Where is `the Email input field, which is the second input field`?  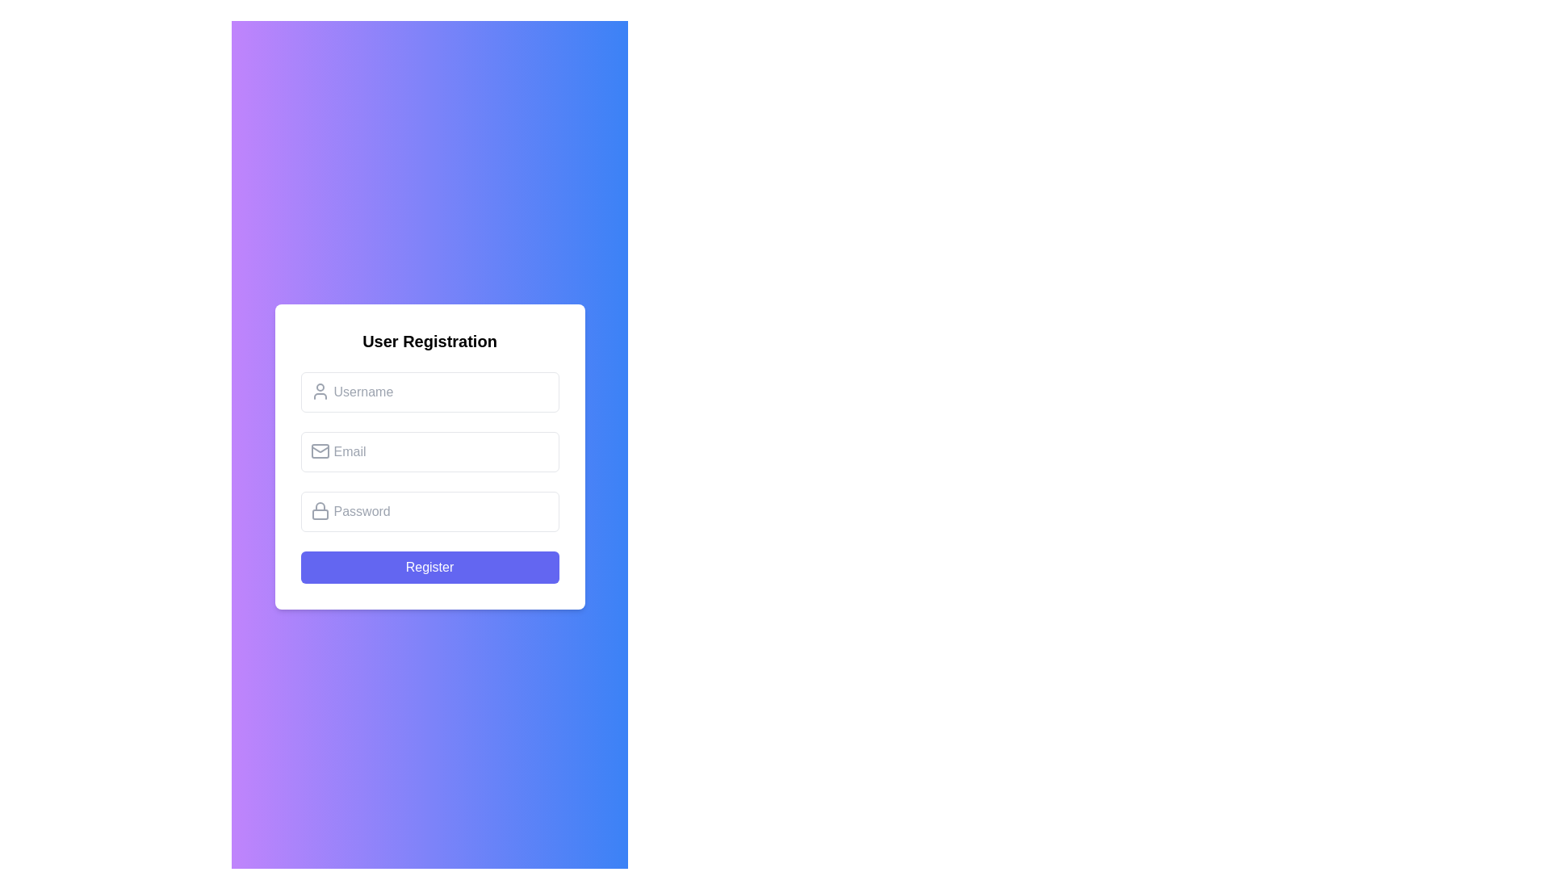
the Email input field, which is the second input field is located at coordinates (429, 451).